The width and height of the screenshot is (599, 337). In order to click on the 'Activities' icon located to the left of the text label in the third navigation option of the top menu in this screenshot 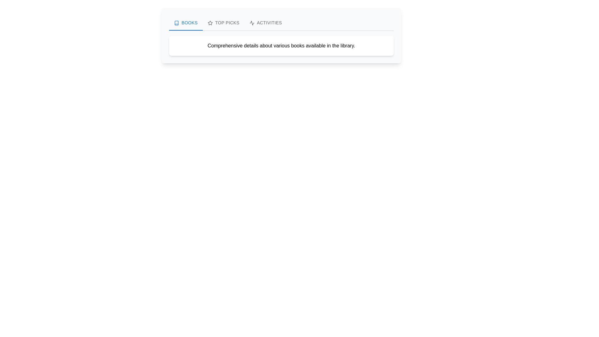, I will do `click(252, 22)`.